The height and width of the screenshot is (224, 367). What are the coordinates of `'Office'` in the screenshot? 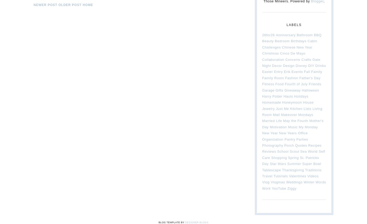 It's located at (303, 133).